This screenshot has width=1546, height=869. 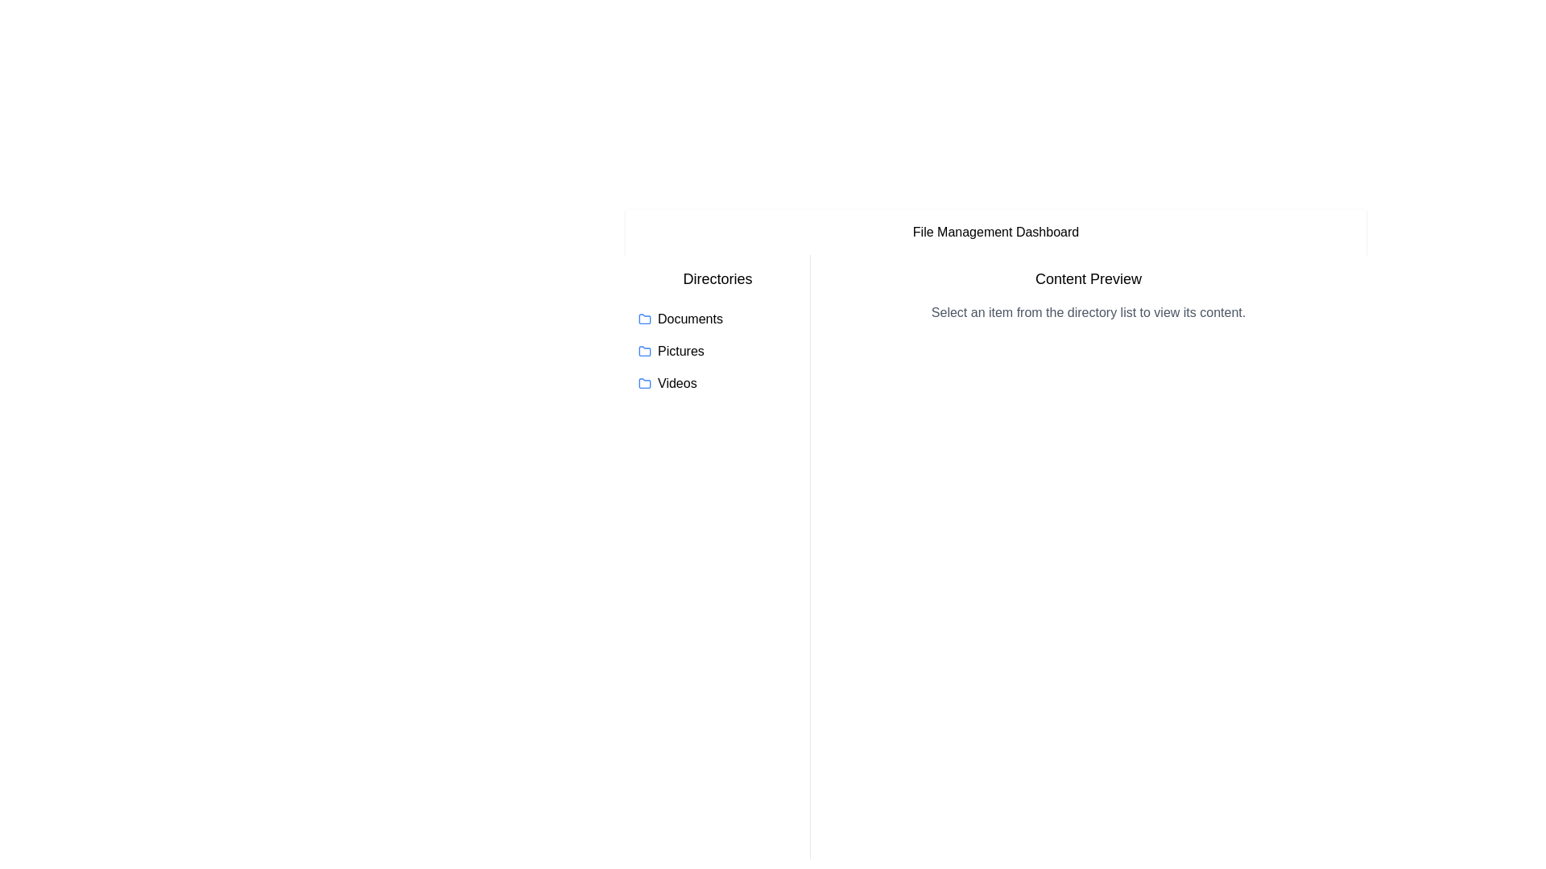 What do you see at coordinates (645, 384) in the screenshot?
I see `the folder icon representing the 'Videos' directory in the file management dashboard, which is located next to the text label 'Videos'` at bounding box center [645, 384].